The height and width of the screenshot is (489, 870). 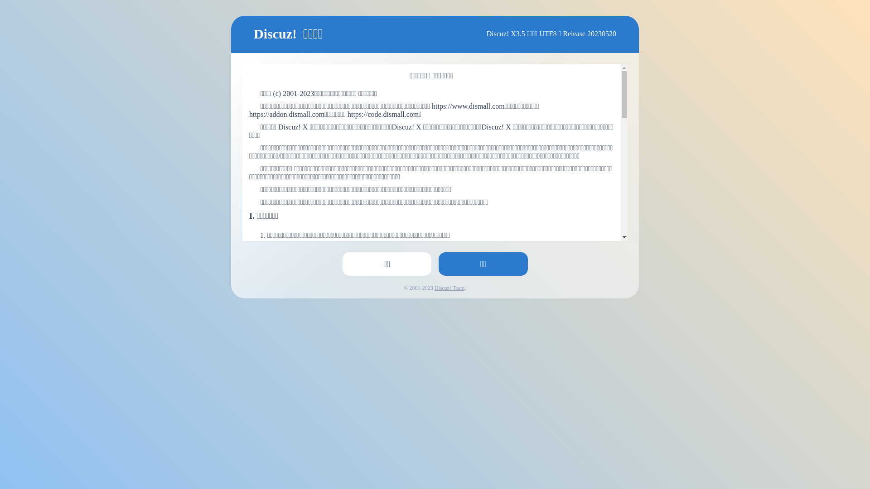 I want to click on 'Discuz! Team', so click(x=449, y=288).